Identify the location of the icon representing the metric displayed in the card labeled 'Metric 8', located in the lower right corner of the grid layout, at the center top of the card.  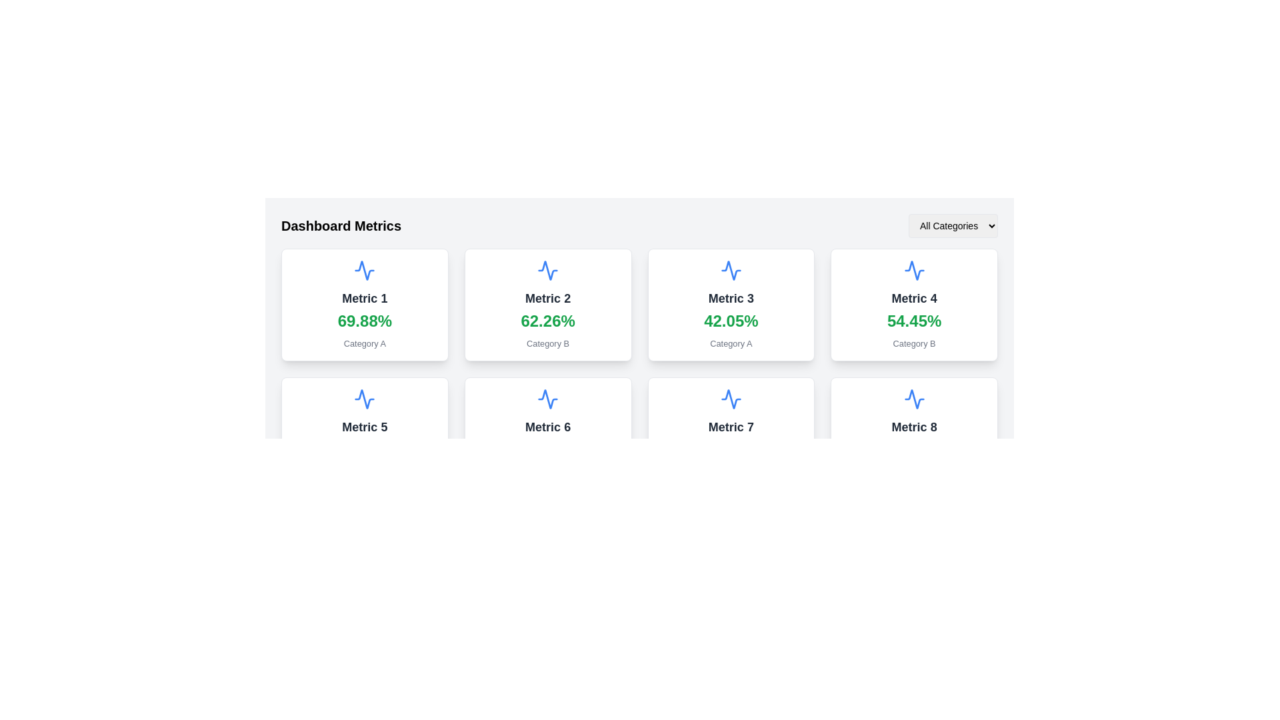
(913, 399).